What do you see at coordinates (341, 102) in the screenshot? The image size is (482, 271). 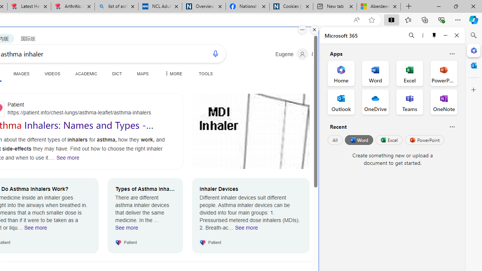 I see `'Outlook Office App'` at bounding box center [341, 102].